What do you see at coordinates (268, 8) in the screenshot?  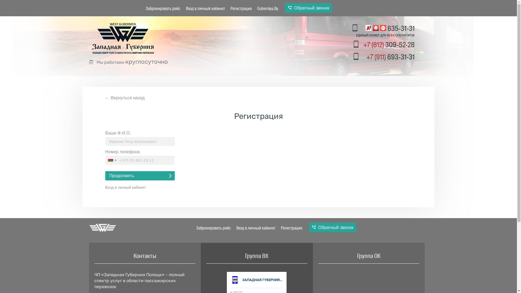 I see `'Guberniya.By'` at bounding box center [268, 8].